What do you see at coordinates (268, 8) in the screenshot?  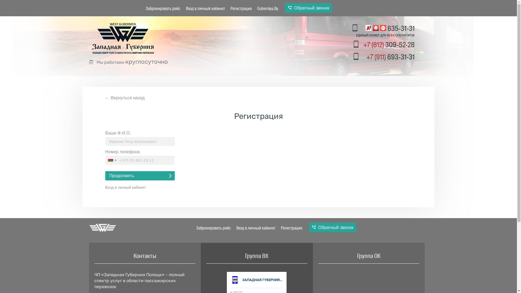 I see `'Guberniya.By'` at bounding box center [268, 8].